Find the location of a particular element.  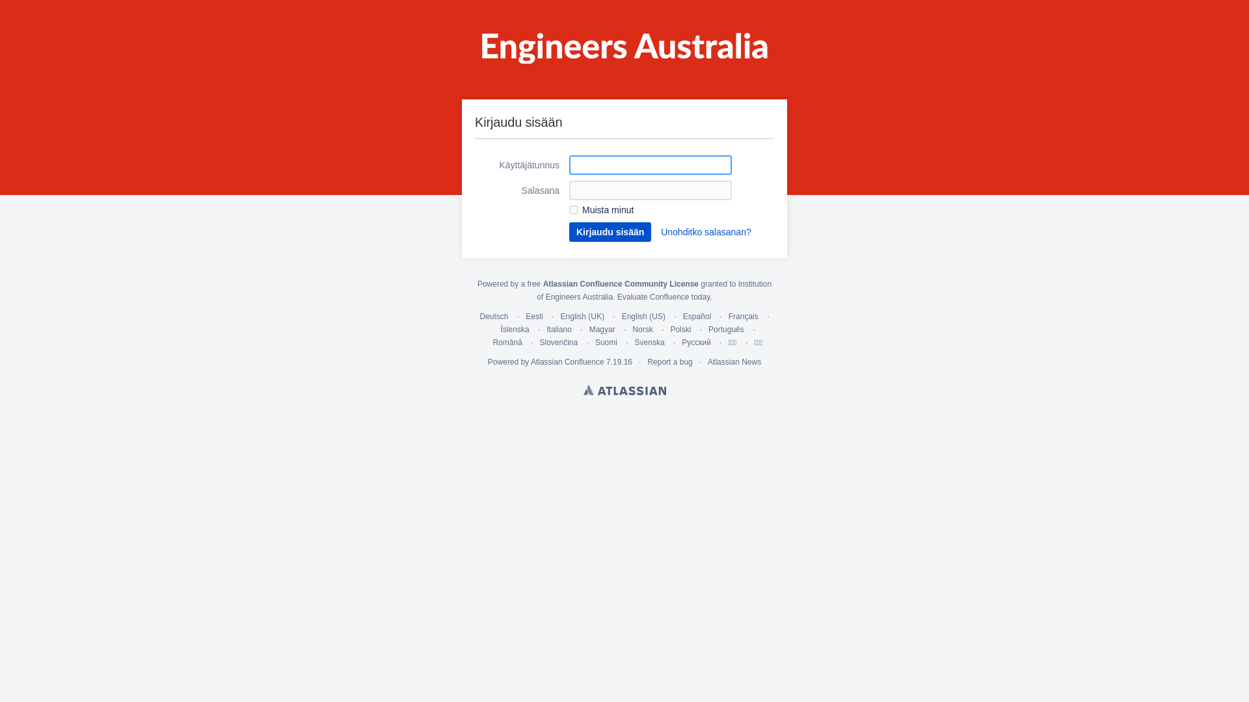

'Polski' is located at coordinates (670, 328).